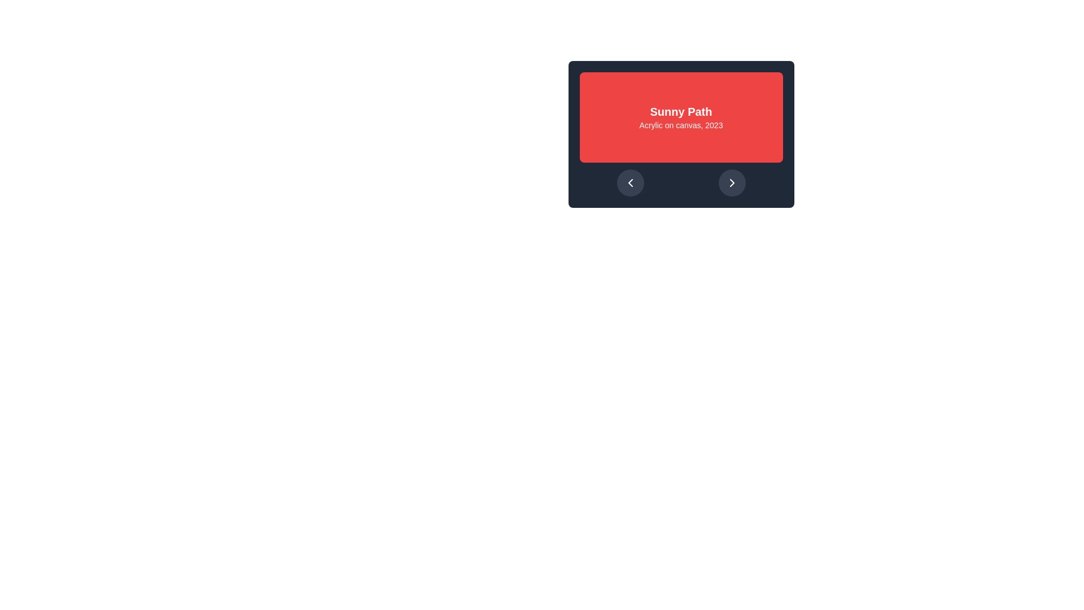 Image resolution: width=1084 pixels, height=610 pixels. Describe the element at coordinates (732, 182) in the screenshot. I see `the circular button with a dark gray background and a white rightward arrow icon` at that location.